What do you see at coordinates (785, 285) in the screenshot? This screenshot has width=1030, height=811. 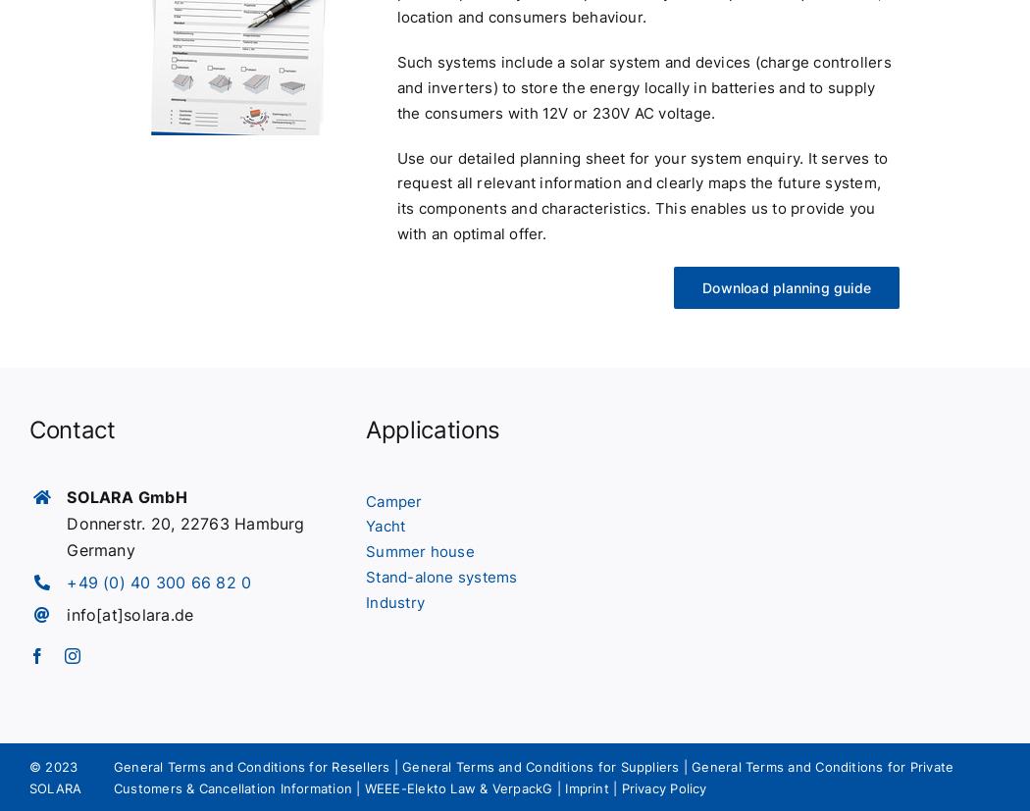 I see `'Download planning guide'` at bounding box center [785, 285].